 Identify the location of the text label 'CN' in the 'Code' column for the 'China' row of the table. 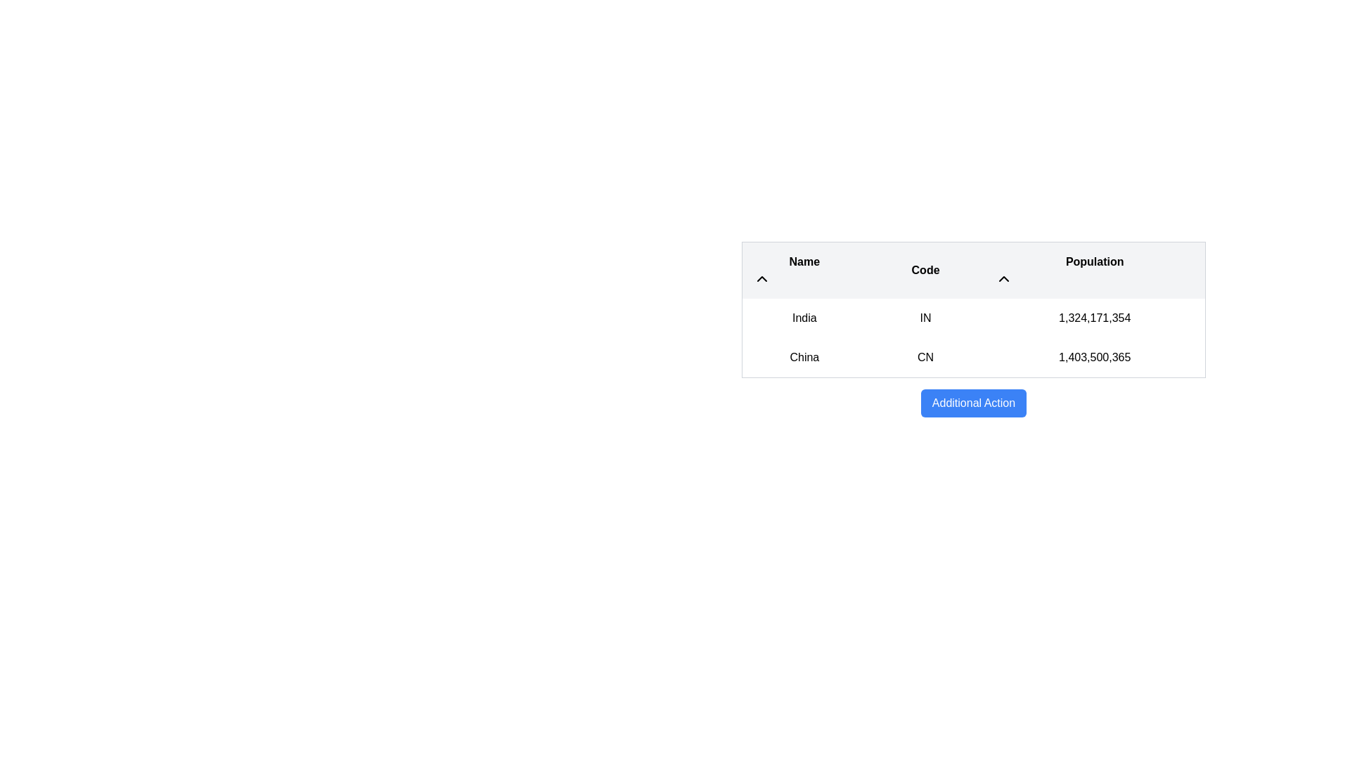
(925, 357).